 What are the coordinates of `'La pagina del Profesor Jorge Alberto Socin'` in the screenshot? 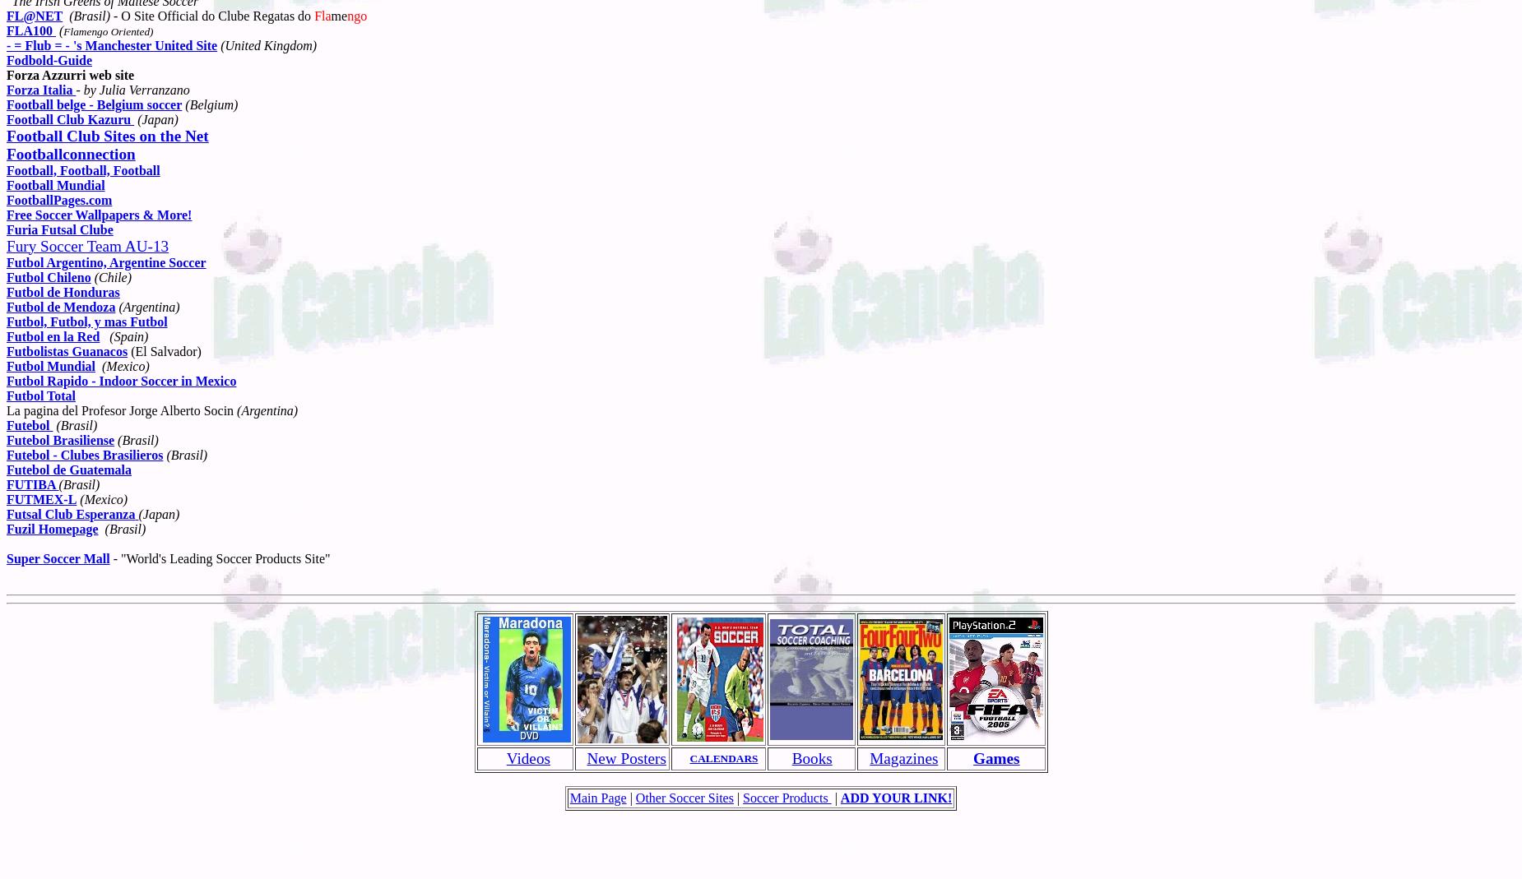 It's located at (121, 409).